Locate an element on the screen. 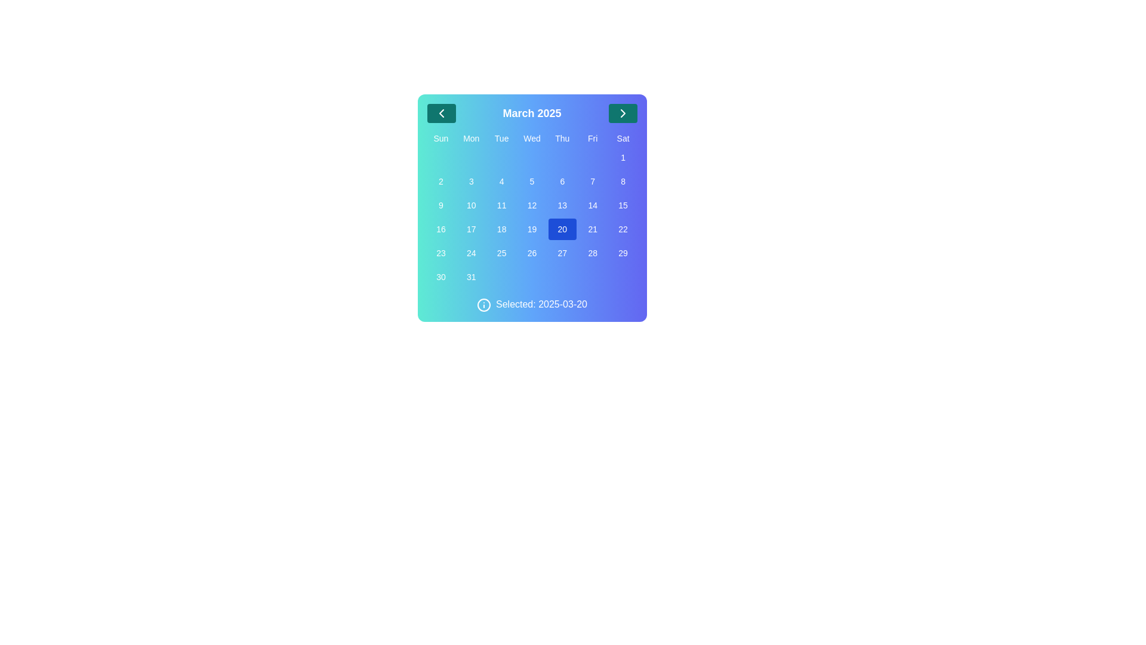 The image size is (1146, 645). the left-facing chevron arrow icon in the calendar widget's header is located at coordinates (440, 113).